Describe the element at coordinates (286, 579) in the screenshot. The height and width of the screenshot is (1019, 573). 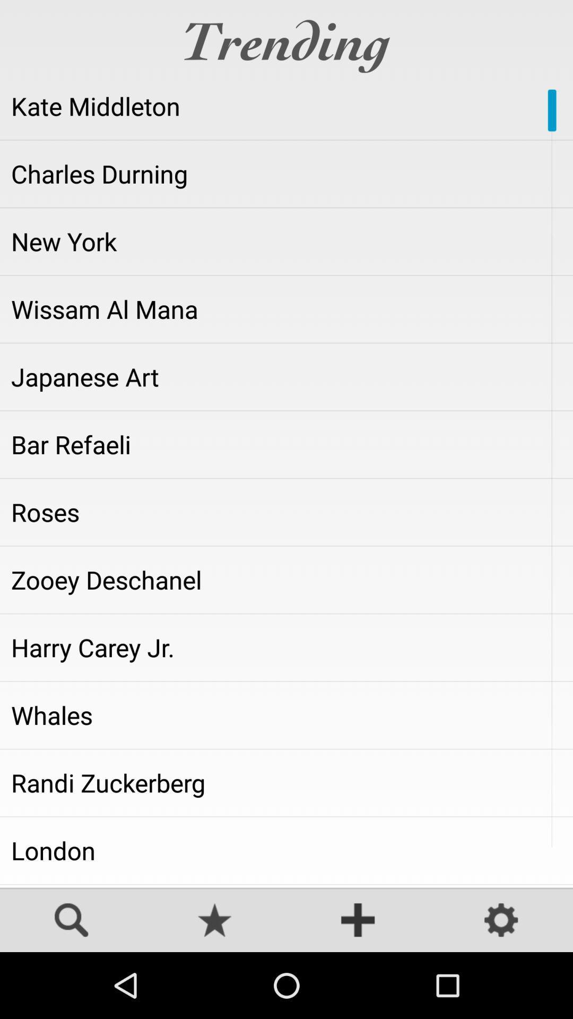
I see `app above harry carey jr. item` at that location.